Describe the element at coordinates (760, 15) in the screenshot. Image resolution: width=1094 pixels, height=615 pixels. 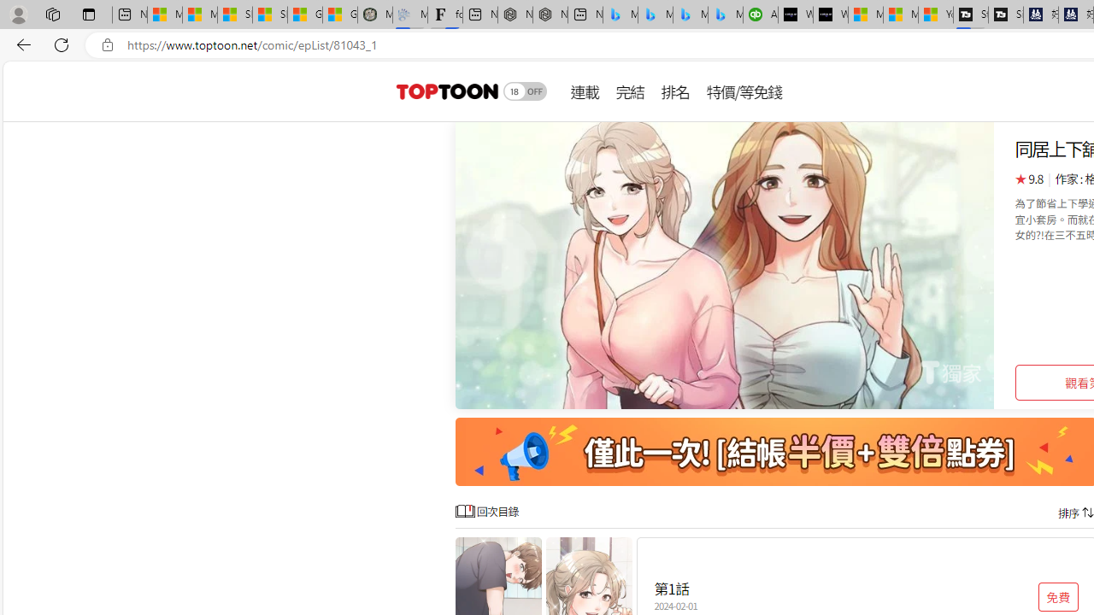
I see `'Accounting Software for Accountants, CPAs and Bookkeepers'` at that location.